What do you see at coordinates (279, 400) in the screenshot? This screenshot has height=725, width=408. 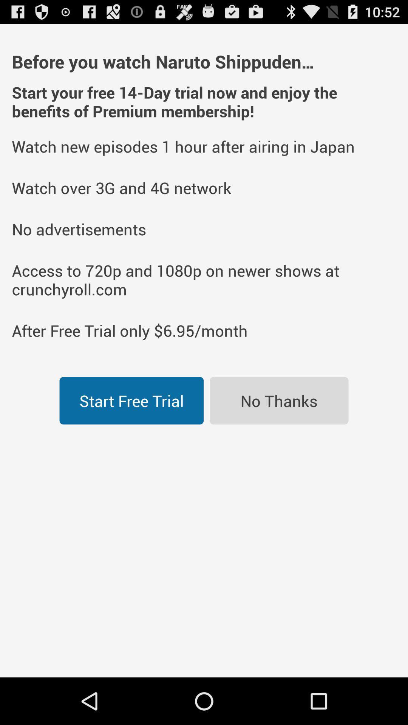 I see `the icon below after free trial icon` at bounding box center [279, 400].